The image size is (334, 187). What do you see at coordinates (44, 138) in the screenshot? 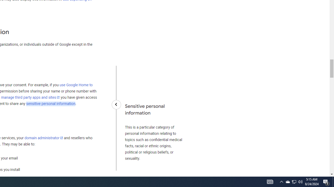
I see `'domain administrator'` at bounding box center [44, 138].